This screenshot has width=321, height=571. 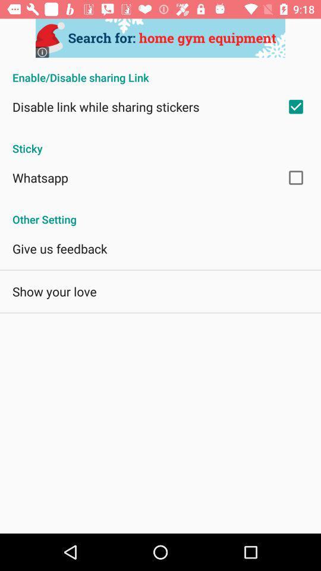 What do you see at coordinates (40, 177) in the screenshot?
I see `icon above the other setting app` at bounding box center [40, 177].